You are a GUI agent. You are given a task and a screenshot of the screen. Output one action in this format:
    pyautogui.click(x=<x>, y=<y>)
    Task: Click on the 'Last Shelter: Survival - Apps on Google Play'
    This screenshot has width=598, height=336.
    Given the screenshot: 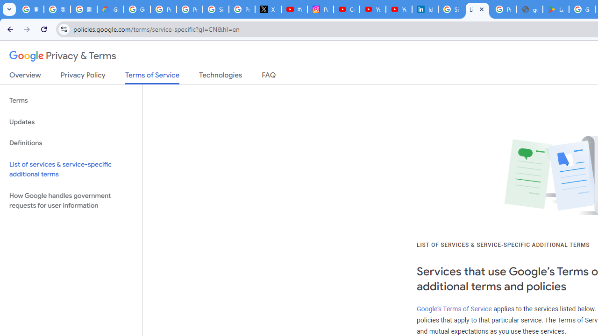 What is the action you would take?
    pyautogui.click(x=556, y=9)
    